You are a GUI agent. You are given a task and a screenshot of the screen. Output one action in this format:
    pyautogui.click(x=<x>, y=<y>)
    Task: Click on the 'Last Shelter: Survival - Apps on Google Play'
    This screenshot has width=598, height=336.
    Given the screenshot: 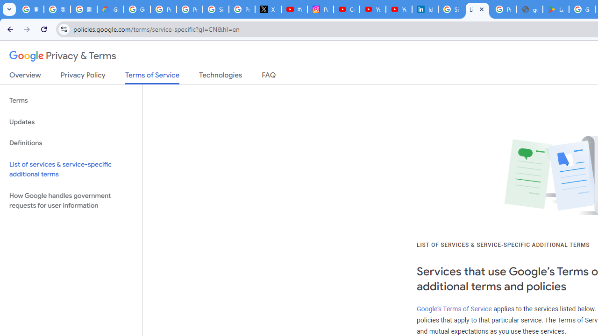 What is the action you would take?
    pyautogui.click(x=556, y=9)
    